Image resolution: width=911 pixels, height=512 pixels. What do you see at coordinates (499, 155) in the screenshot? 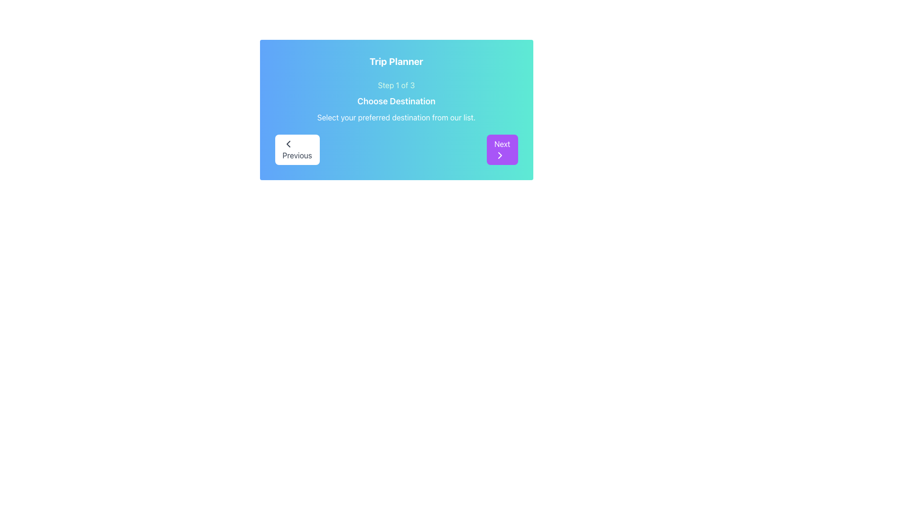
I see `the 'Next' button which contains the rightward-pointing chevron arrow` at bounding box center [499, 155].